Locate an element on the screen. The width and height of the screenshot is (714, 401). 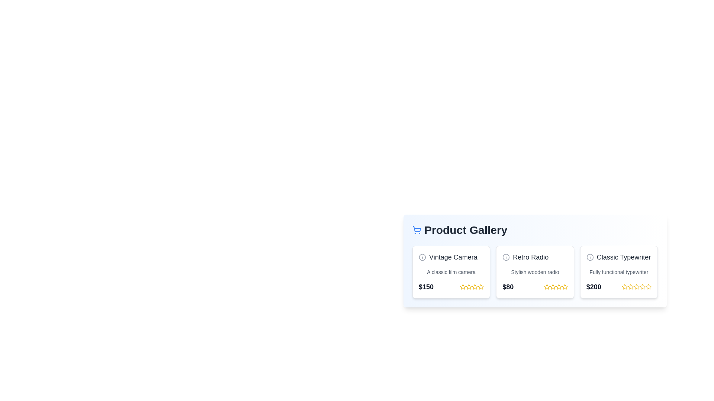
the product card for Classic Typewriter is located at coordinates (619, 272).